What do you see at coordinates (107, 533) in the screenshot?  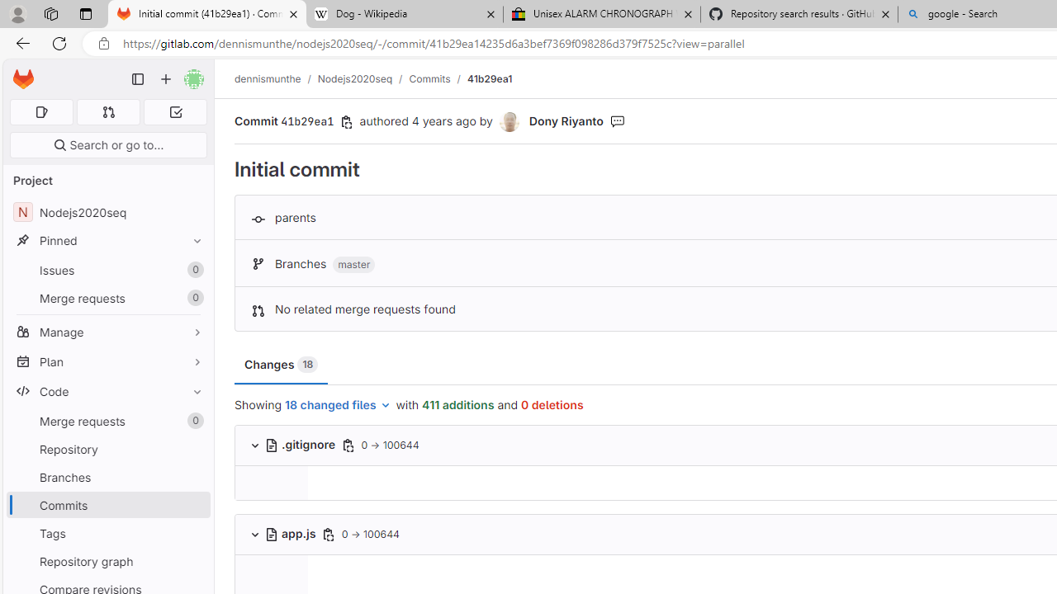 I see `'Tags'` at bounding box center [107, 533].